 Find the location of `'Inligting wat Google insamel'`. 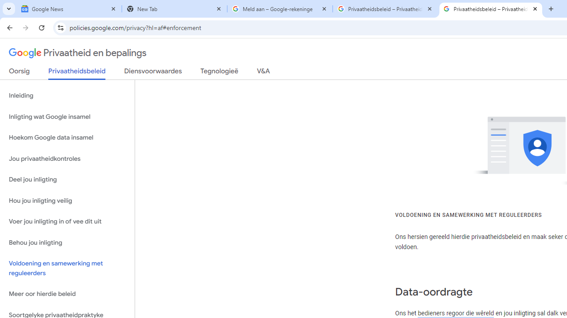

'Inligting wat Google insamel' is located at coordinates (67, 116).